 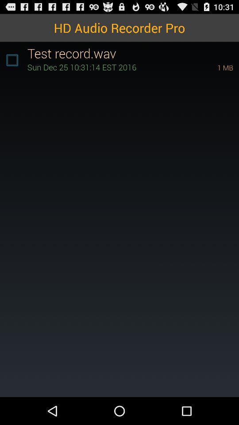 I want to click on test record.wav icon, so click(x=132, y=53).